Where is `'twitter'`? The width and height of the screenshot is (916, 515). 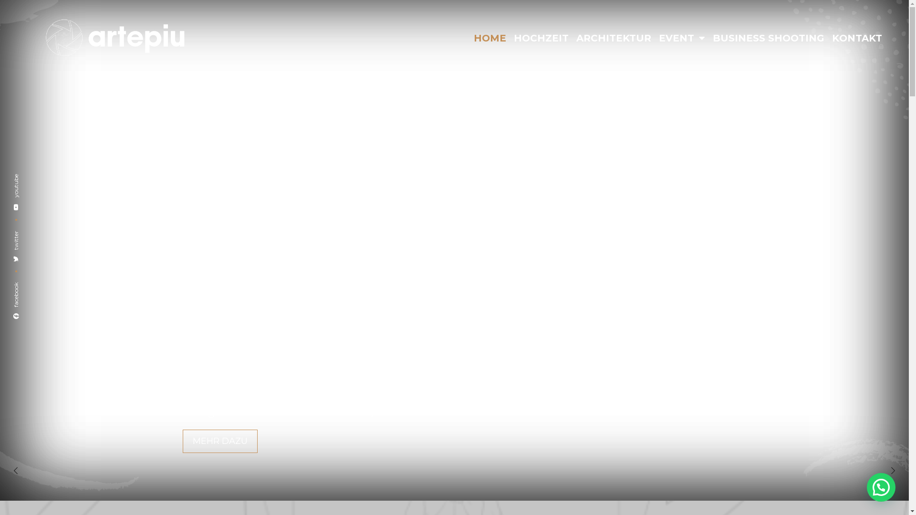
'twitter' is located at coordinates (27, 235).